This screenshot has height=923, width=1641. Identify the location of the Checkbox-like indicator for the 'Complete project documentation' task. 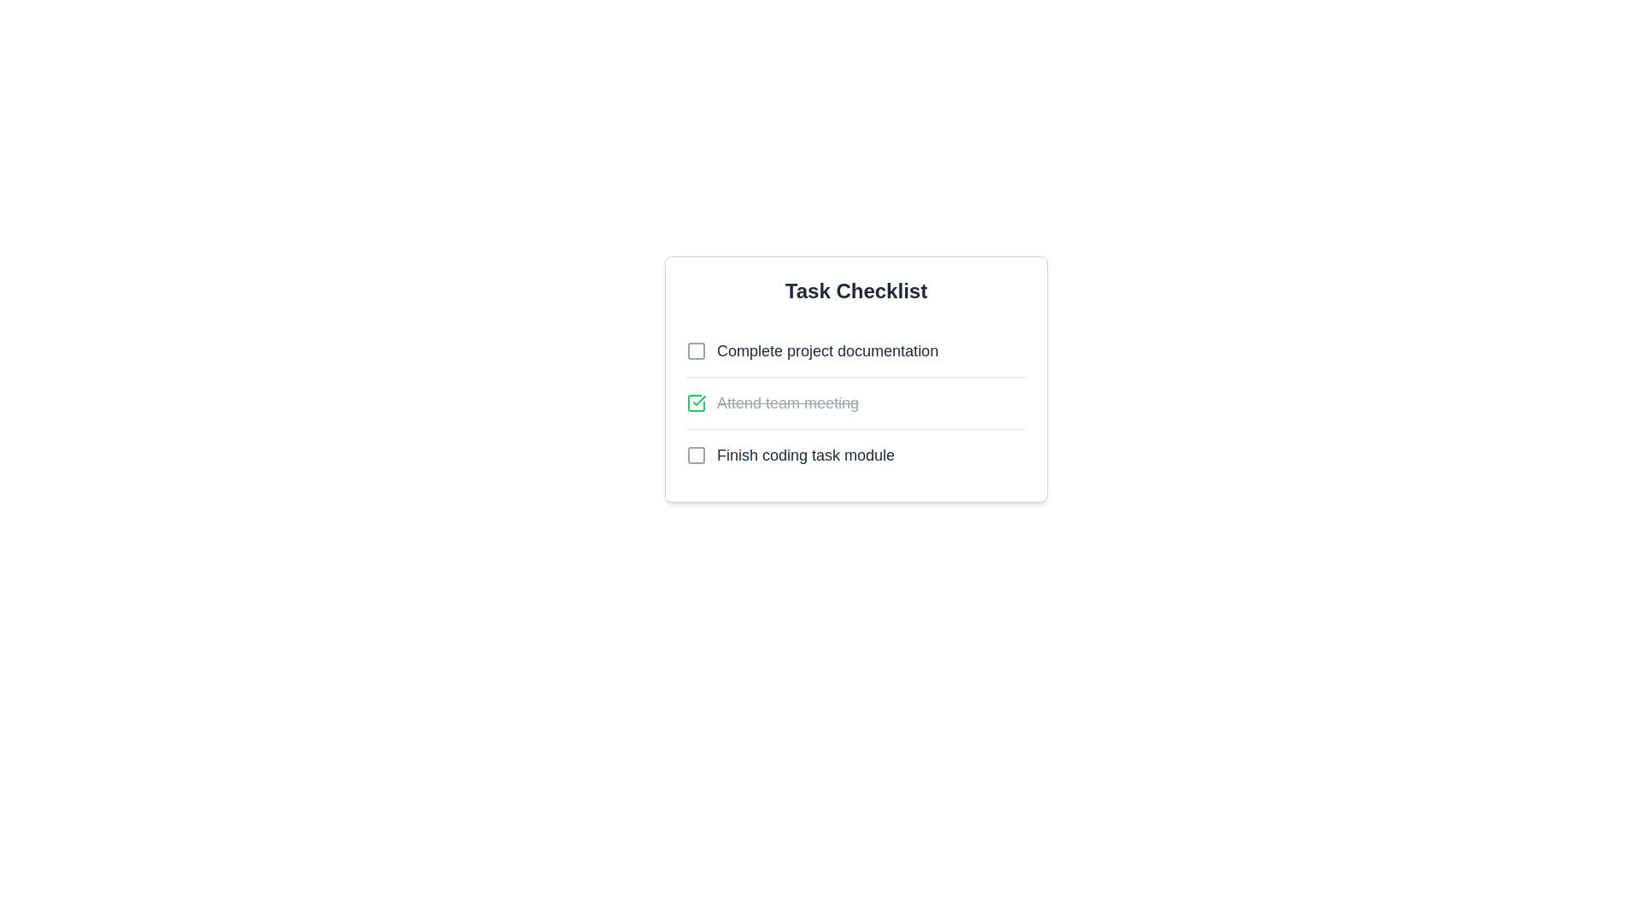
(697, 350).